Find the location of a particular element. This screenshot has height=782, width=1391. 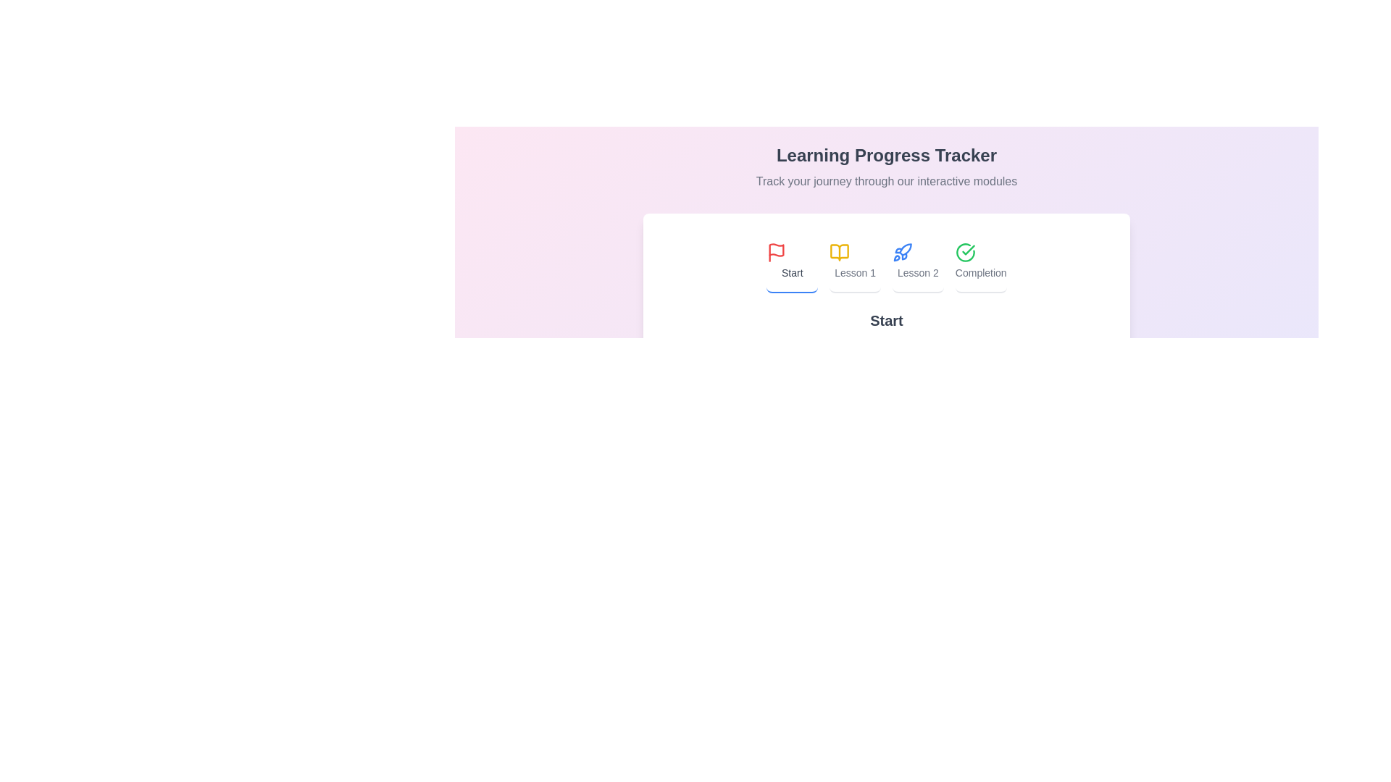

the Start button to observe its hover effect is located at coordinates (791, 262).